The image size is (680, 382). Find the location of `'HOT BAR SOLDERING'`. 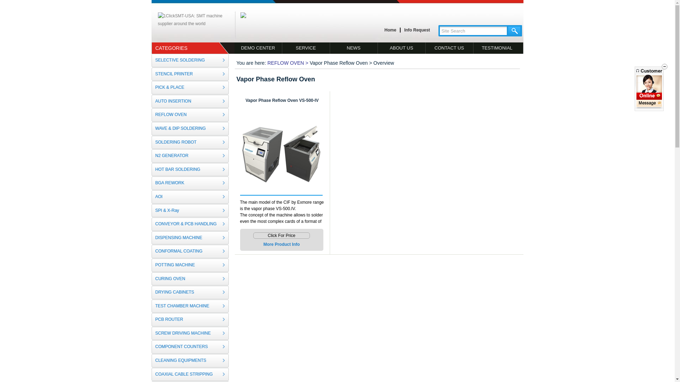

'HOT BAR SOLDERING' is located at coordinates (190, 169).